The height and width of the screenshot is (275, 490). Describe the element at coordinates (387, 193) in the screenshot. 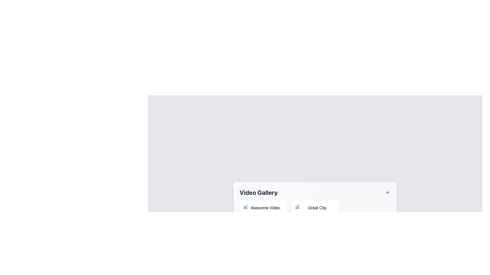

I see `the downward chevron icon located at the rightmost end of the 'Video Gallery' header` at that location.